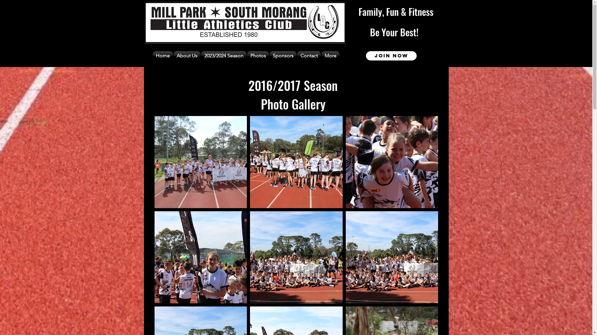 This screenshot has height=335, width=597. I want to click on '2023/2024 Season', so click(224, 56).